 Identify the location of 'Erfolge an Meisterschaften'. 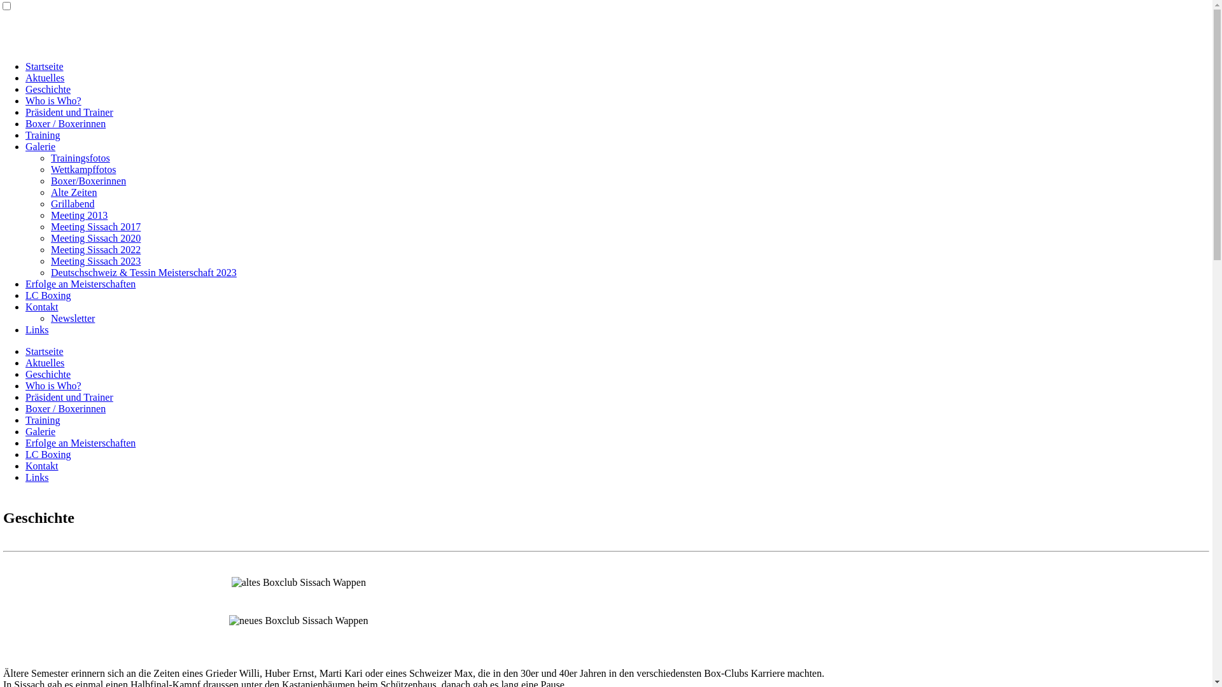
(25, 283).